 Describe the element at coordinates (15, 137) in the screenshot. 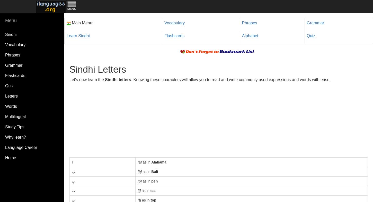

I see `'Why learn?'` at that location.